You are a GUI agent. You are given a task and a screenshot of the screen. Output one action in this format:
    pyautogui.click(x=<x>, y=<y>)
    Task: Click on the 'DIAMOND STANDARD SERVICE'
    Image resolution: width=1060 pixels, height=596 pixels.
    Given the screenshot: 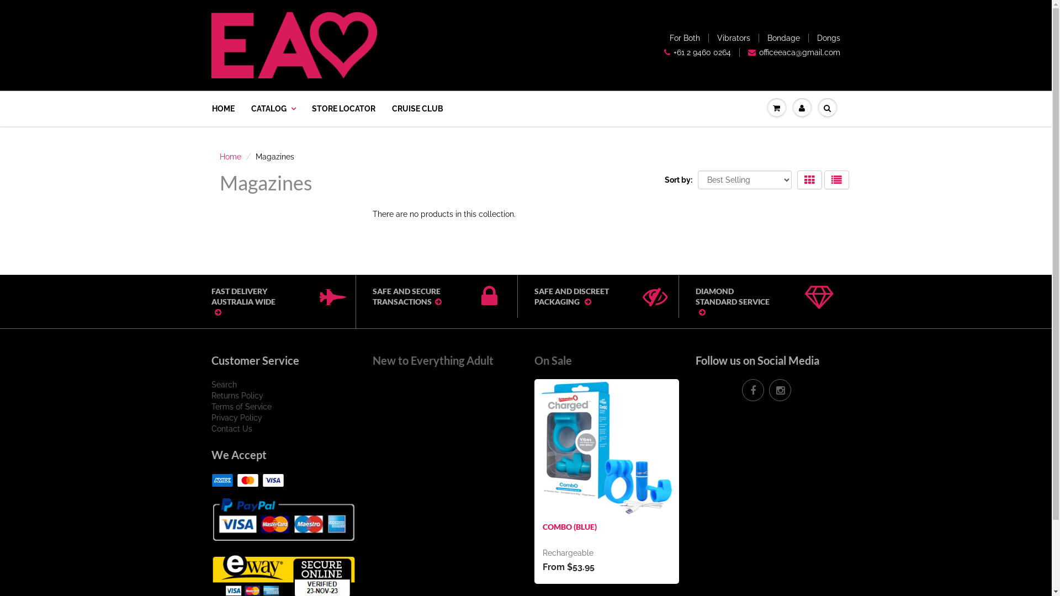 What is the action you would take?
    pyautogui.click(x=695, y=301)
    